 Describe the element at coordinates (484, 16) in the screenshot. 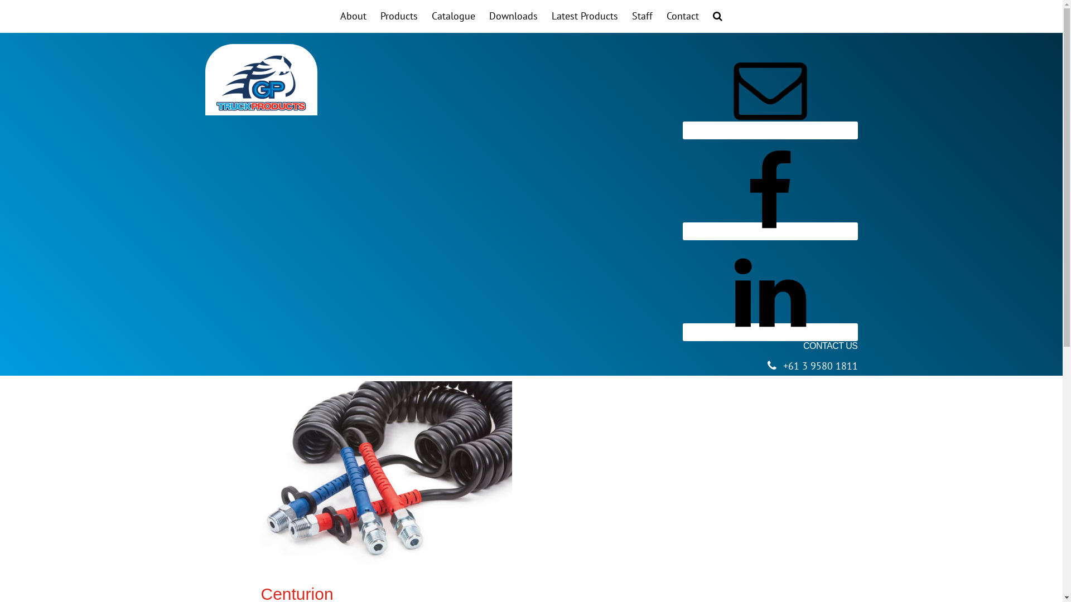

I see `'Downloads'` at that location.